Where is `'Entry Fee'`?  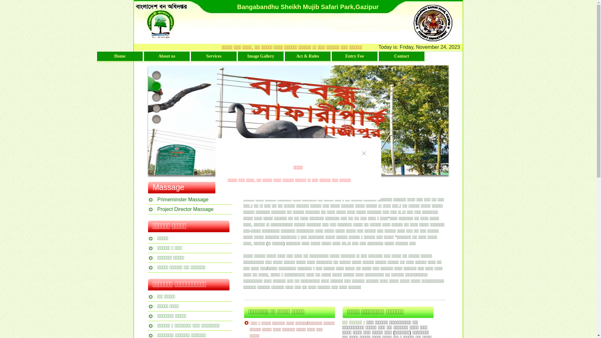
'Entry Fee' is located at coordinates (354, 56).